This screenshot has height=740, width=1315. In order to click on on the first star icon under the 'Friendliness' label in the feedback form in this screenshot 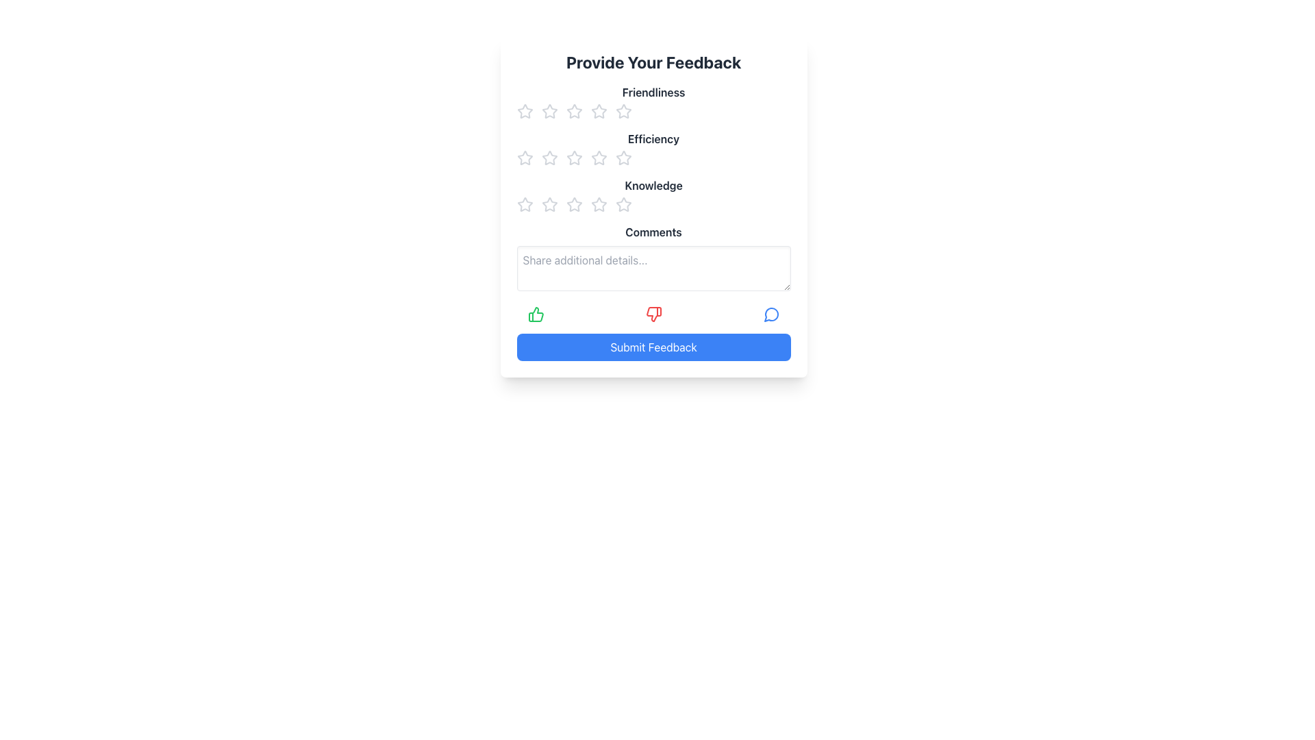, I will do `click(524, 110)`.